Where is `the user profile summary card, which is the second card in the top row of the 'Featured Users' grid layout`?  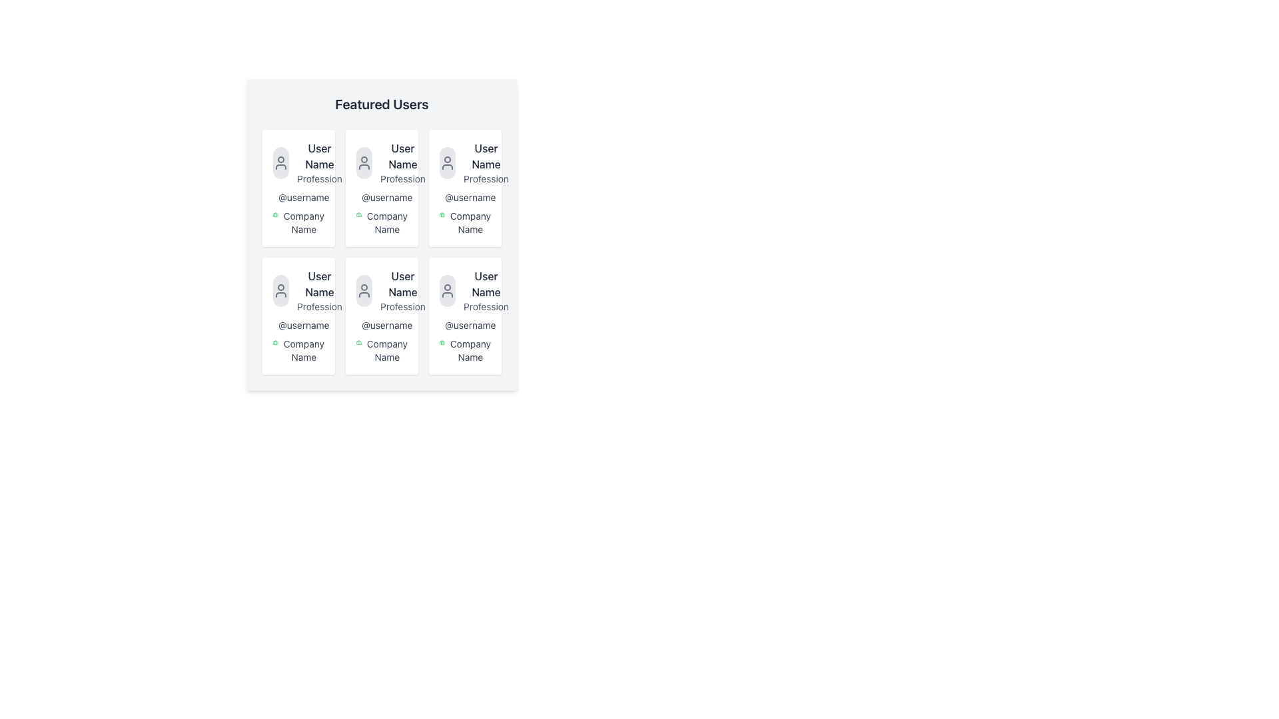
the user profile summary card, which is the second card in the top row of the 'Featured Users' grid layout is located at coordinates (381, 234).